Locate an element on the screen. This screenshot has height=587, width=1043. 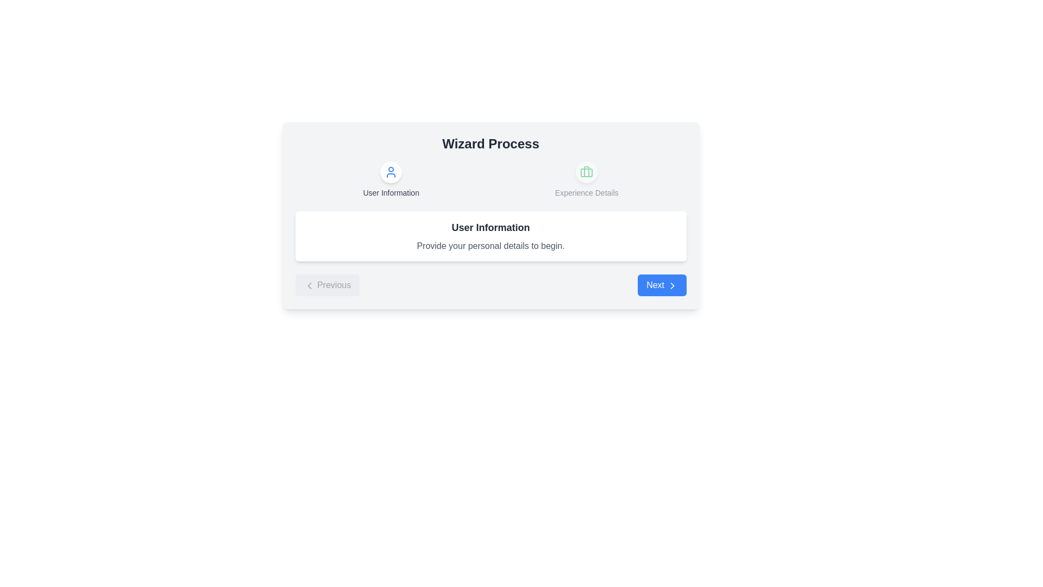
the static text label that reads 'Experience Details', which is styled in a small-sized gray font, positioned below a briefcase icon, and to the right of the 'User Information' section is located at coordinates (586, 192).